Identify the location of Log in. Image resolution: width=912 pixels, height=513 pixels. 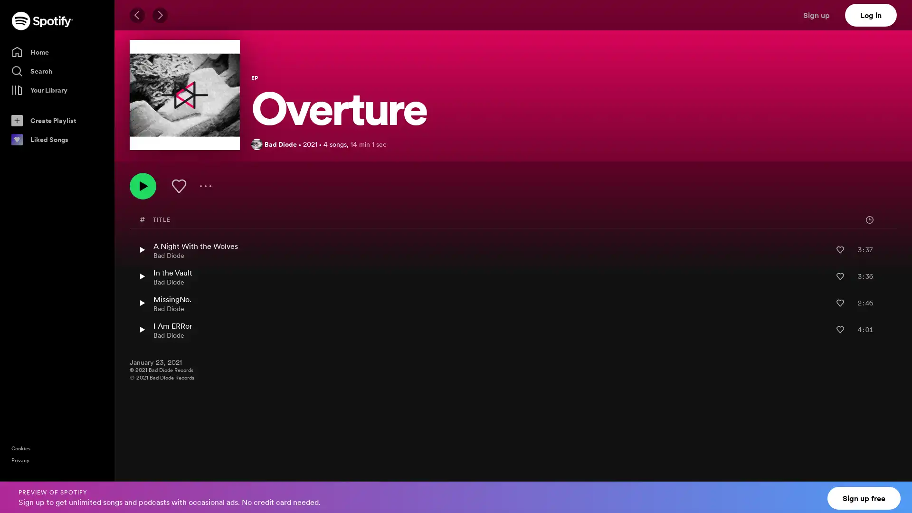
(871, 15).